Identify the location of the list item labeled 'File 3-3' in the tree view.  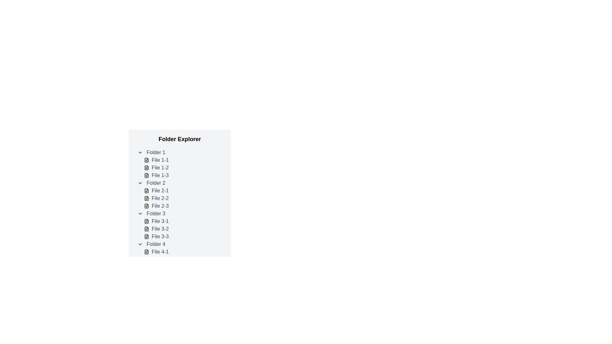
(185, 237).